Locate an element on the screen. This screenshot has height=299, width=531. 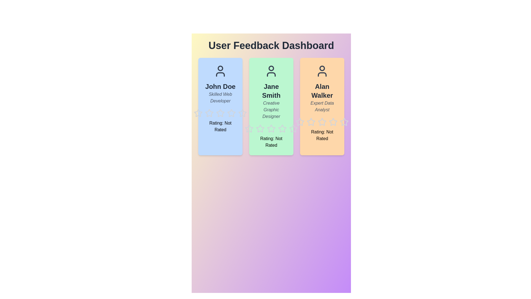
the star icon corresponding to 4 for user John Doe is located at coordinates (227, 109).